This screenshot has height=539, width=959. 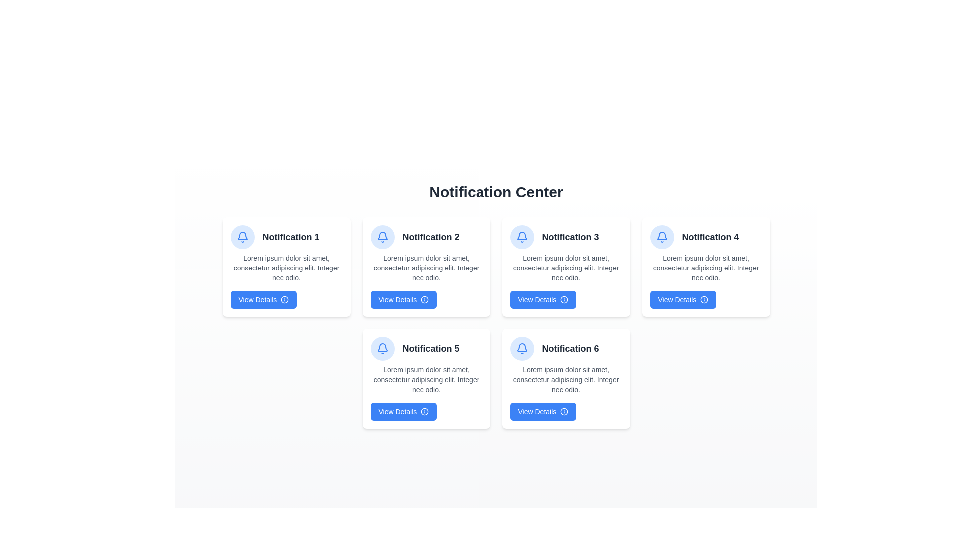 I want to click on the button located at the bottom of the 'Notification 5' card to observe the hover effects, so click(x=403, y=412).